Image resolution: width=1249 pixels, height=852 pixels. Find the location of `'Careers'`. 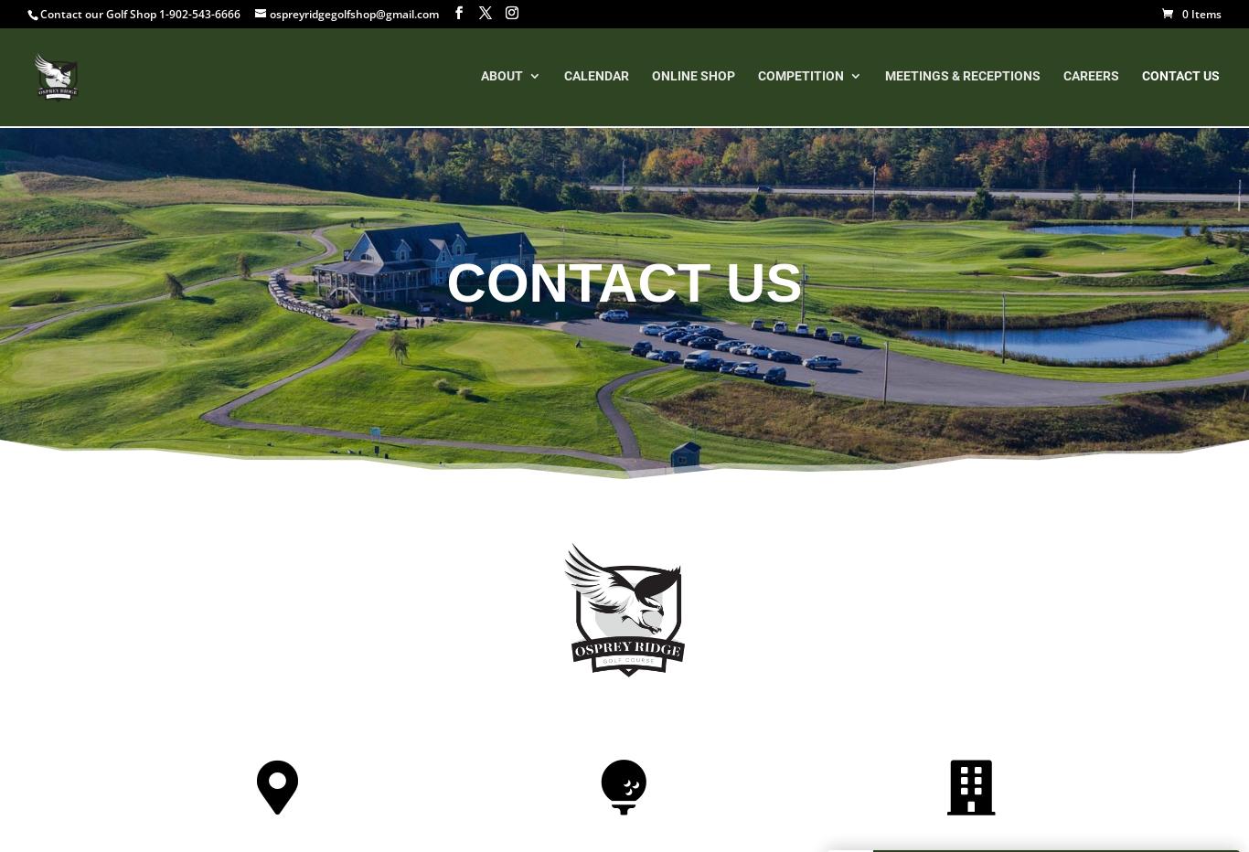

'Careers' is located at coordinates (1091, 79).